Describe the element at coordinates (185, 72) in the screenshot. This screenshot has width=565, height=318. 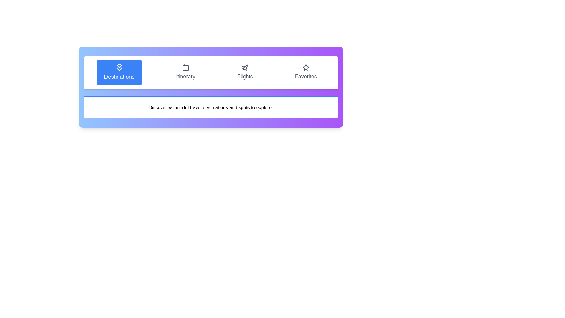
I see `the tab labeled Itinerary` at that location.